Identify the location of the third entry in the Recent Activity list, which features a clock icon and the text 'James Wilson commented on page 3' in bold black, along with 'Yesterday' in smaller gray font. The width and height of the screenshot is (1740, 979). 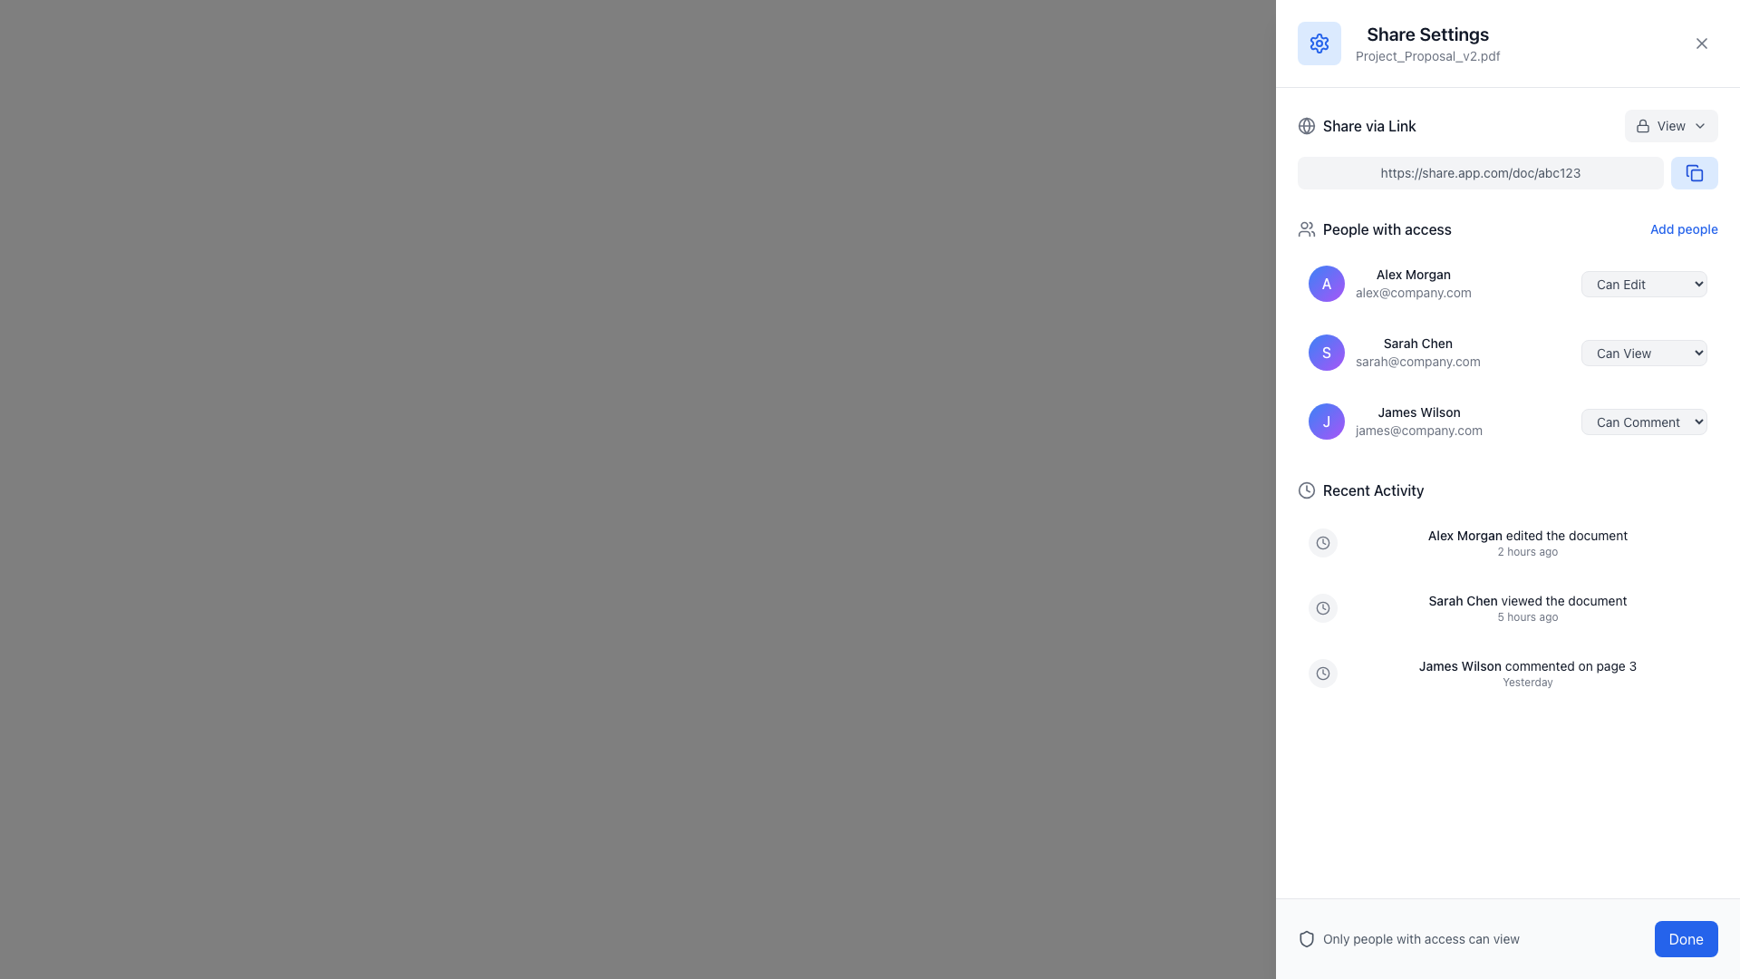
(1508, 674).